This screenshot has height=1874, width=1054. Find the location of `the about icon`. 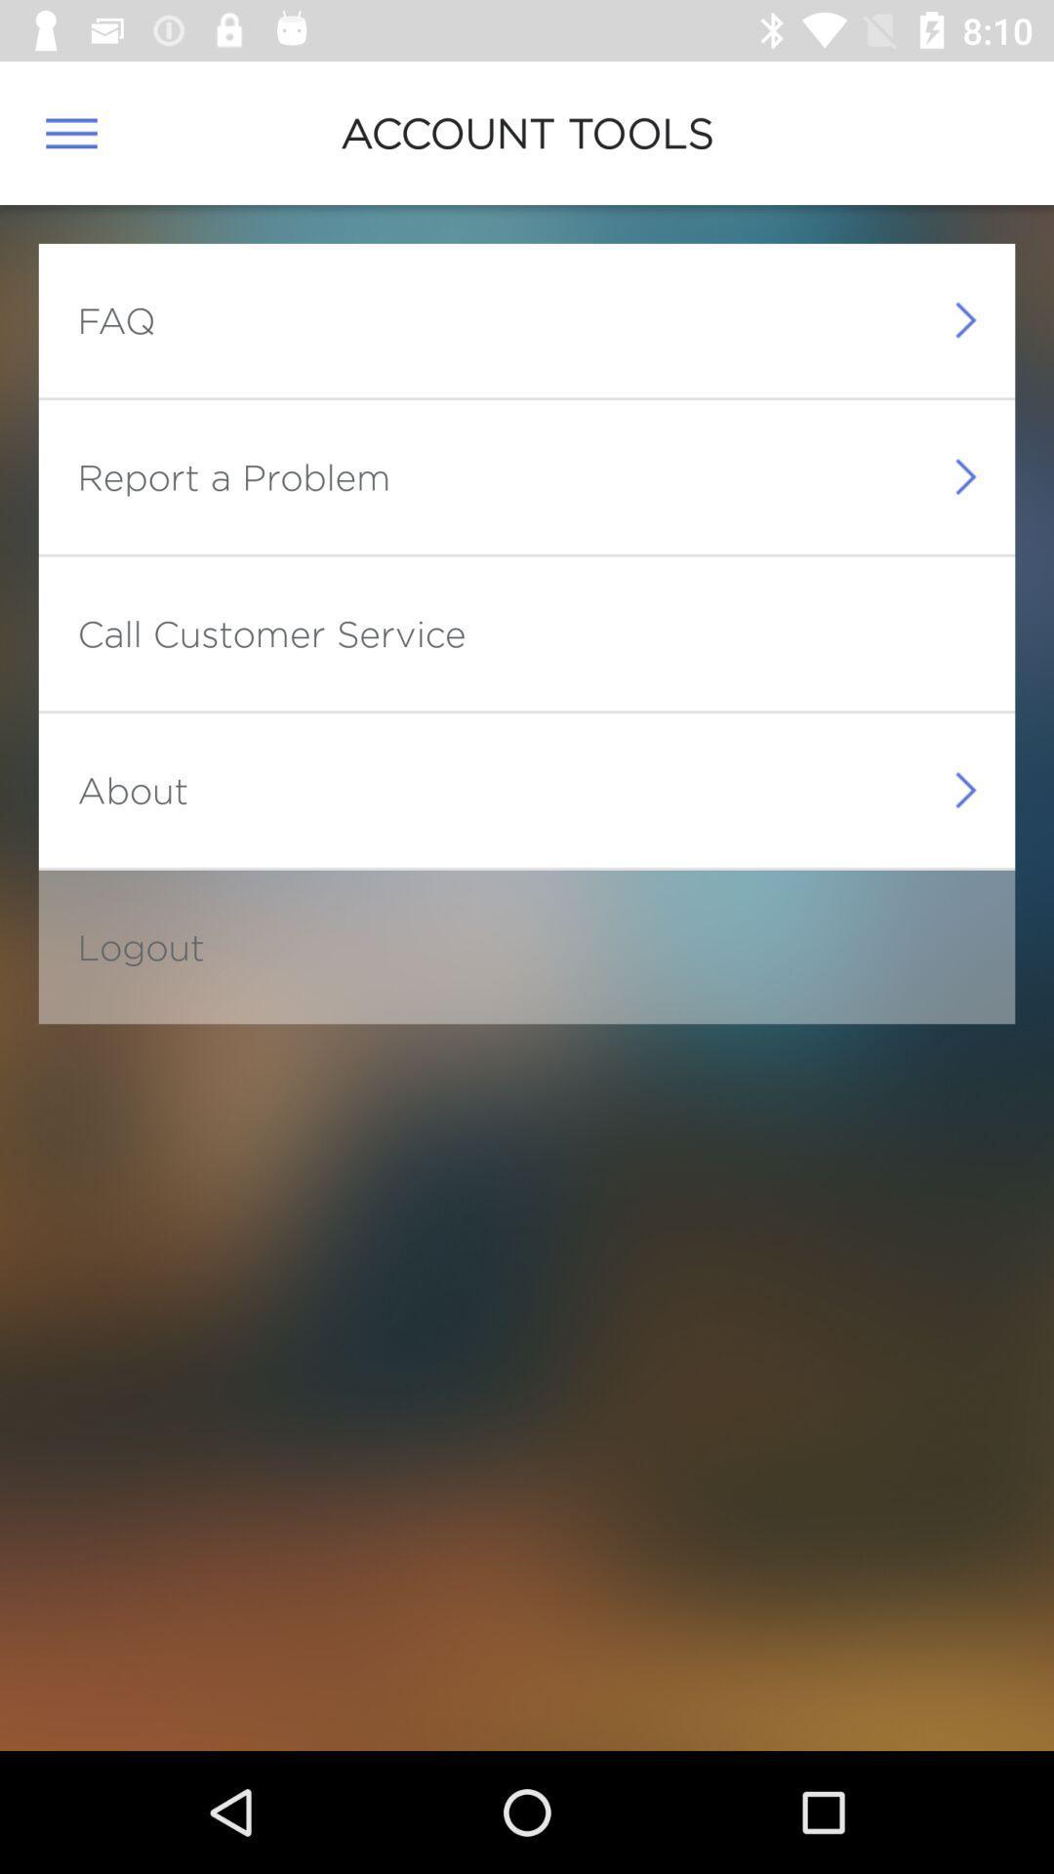

the about icon is located at coordinates (132, 790).